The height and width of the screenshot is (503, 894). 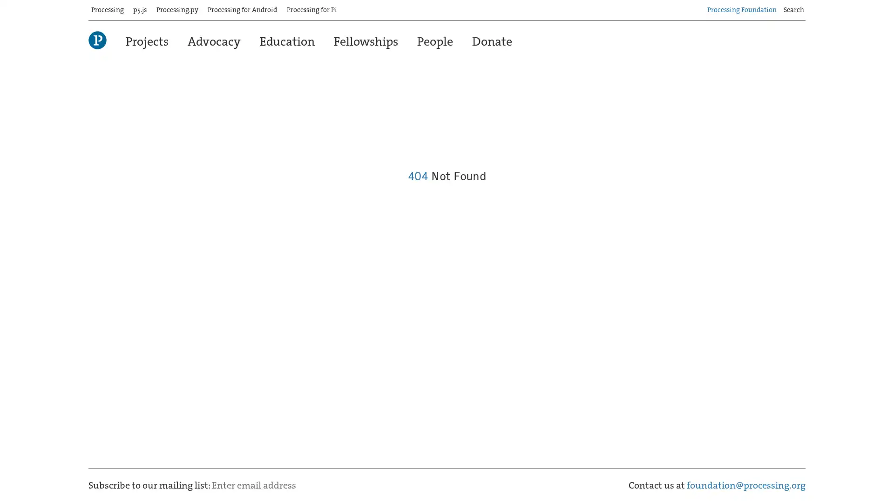 What do you see at coordinates (805, 6) in the screenshot?
I see `Search` at bounding box center [805, 6].